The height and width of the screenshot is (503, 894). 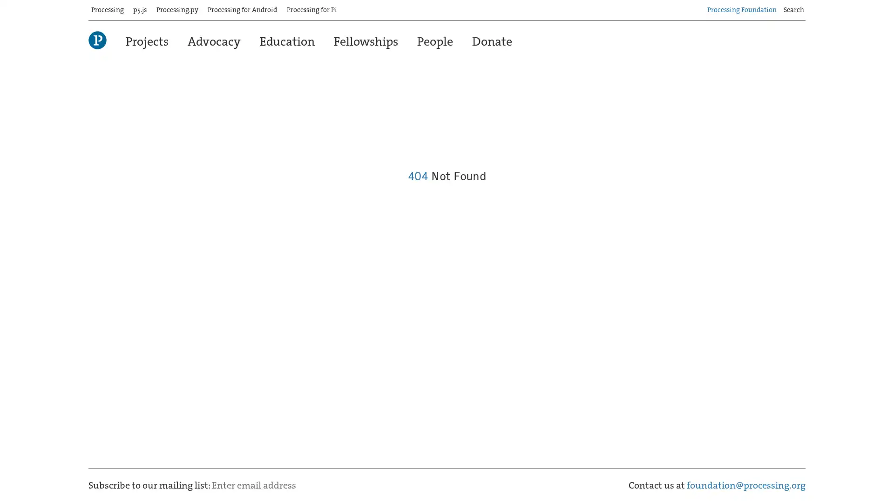 What do you see at coordinates (805, 6) in the screenshot?
I see `Search` at bounding box center [805, 6].